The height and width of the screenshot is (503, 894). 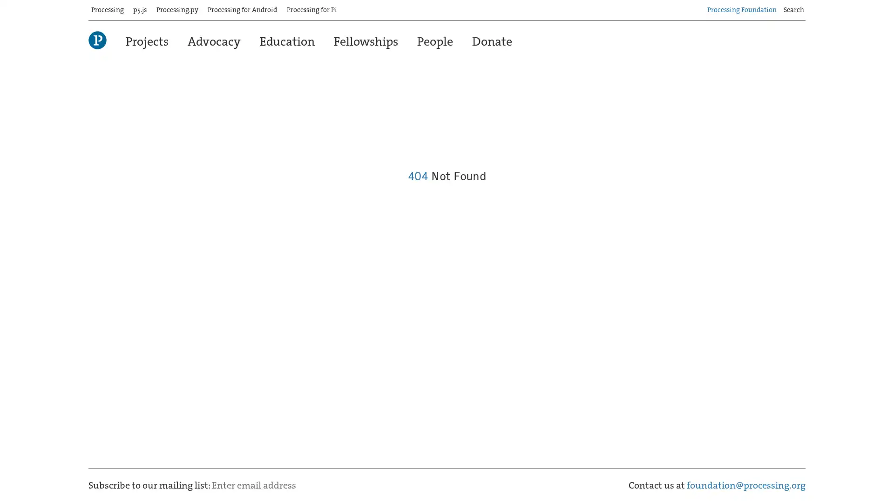 What do you see at coordinates (805, 6) in the screenshot?
I see `Search` at bounding box center [805, 6].